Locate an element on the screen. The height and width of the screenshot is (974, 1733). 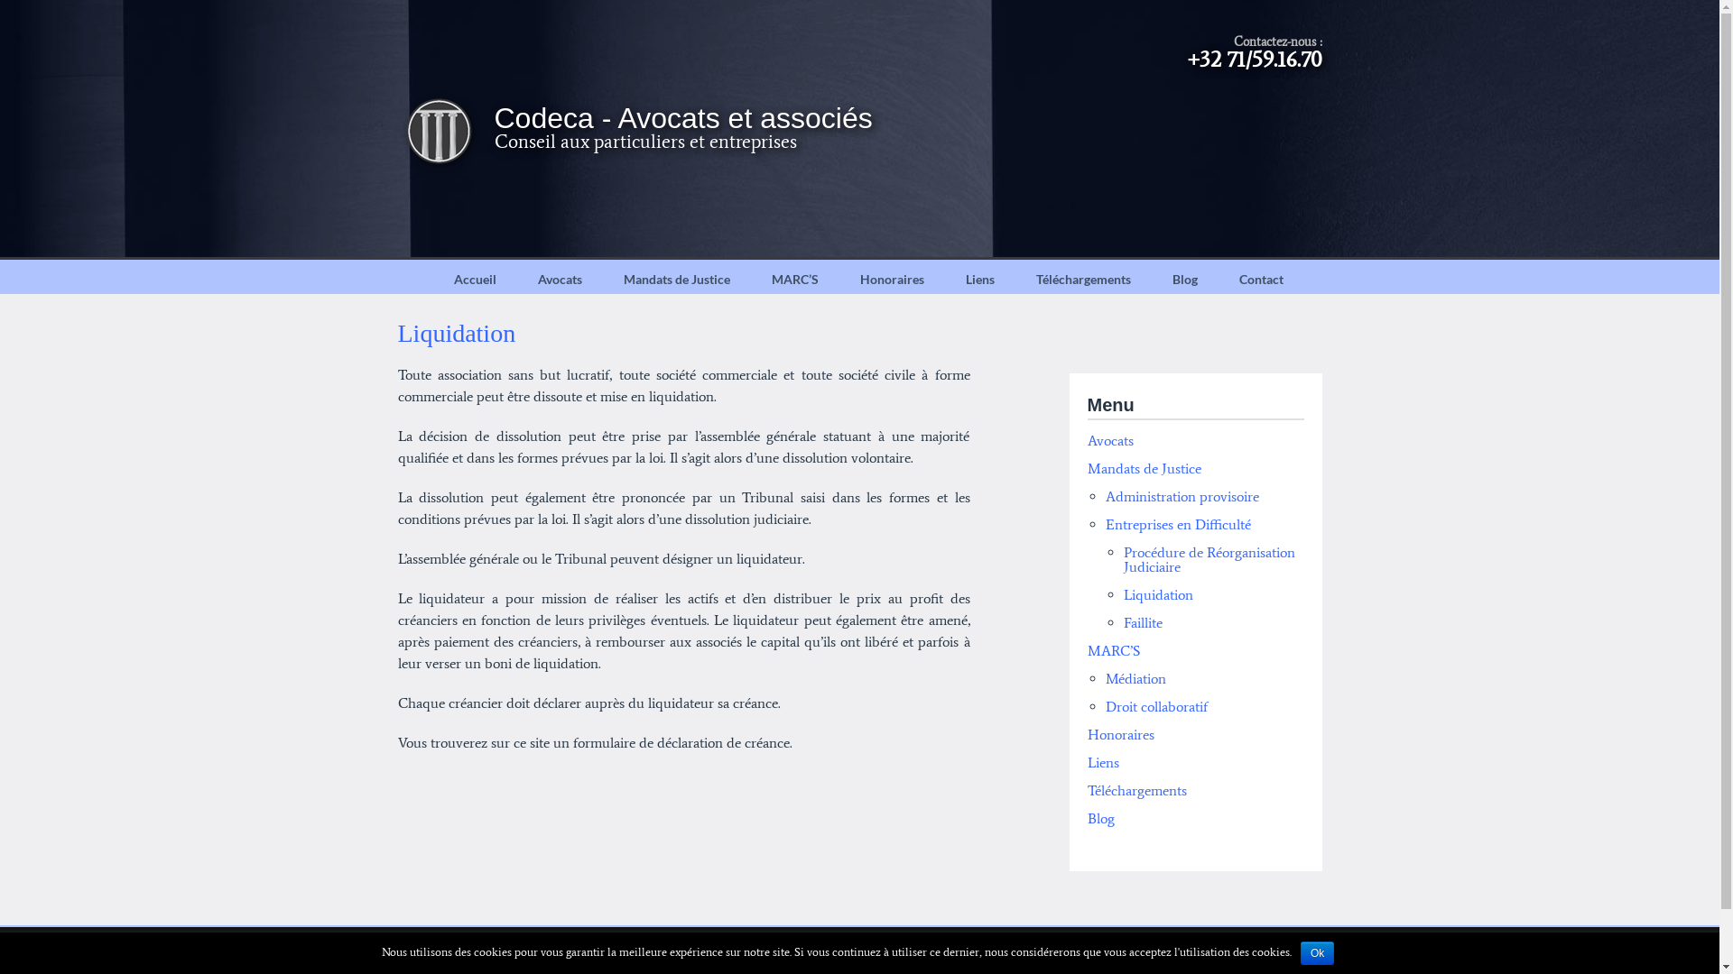
'Avocats' is located at coordinates (1086, 440).